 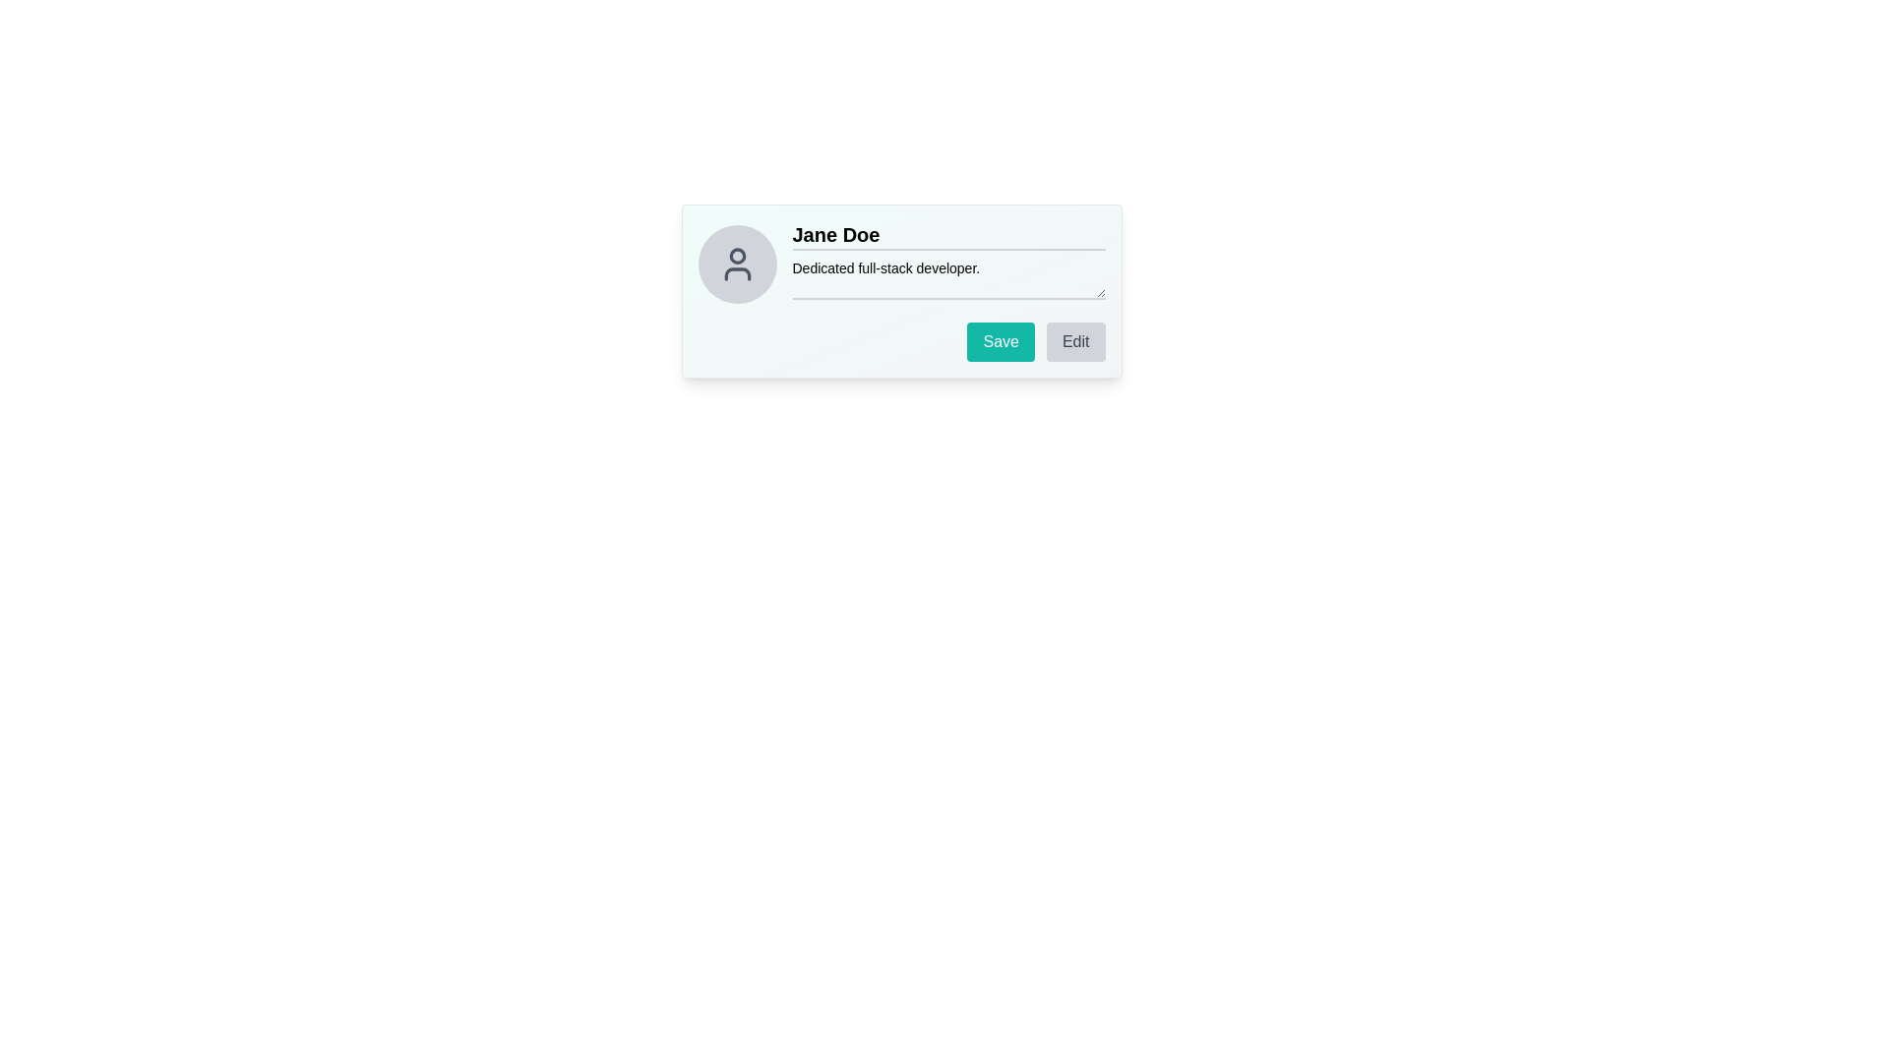 What do you see at coordinates (1001, 340) in the screenshot?
I see `the first button from the left in the button group at the bottom-right of the user card interface` at bounding box center [1001, 340].